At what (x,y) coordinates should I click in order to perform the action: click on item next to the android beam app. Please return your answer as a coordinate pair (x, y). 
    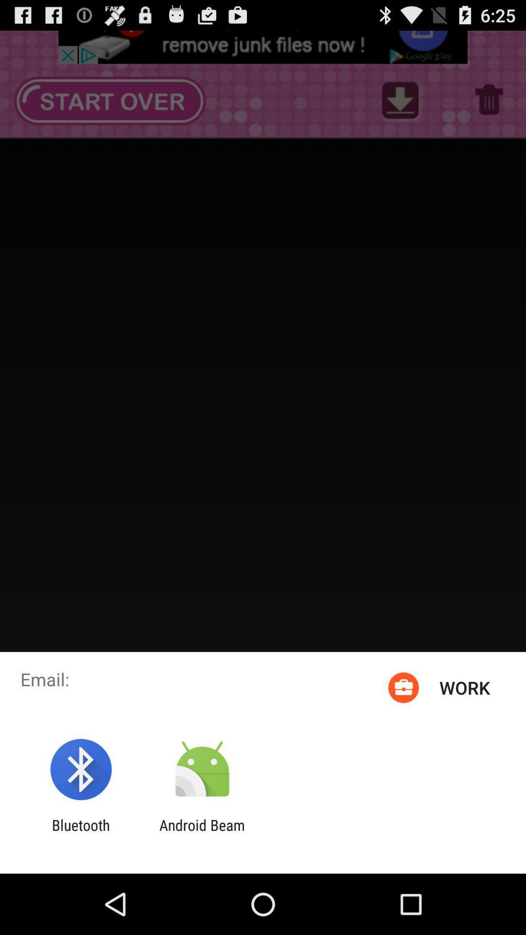
    Looking at the image, I should click on (80, 833).